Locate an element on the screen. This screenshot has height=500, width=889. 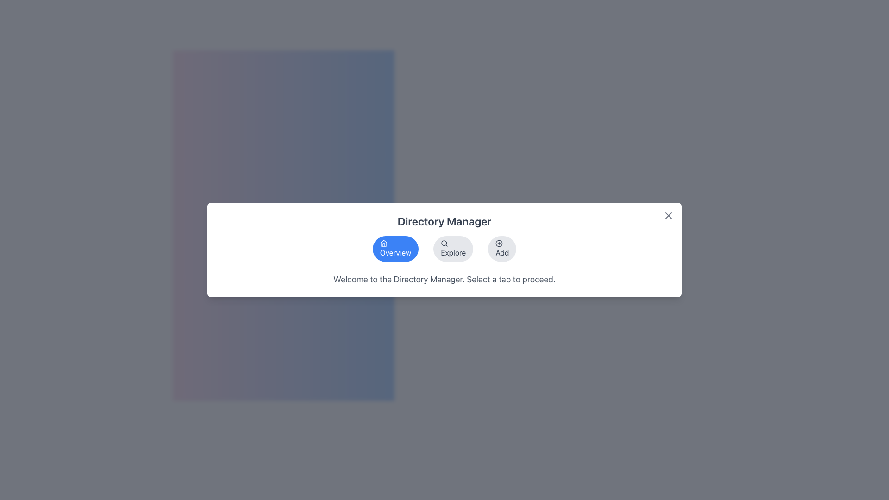
the magnifying glass icon located to the left of the text 'Explore' in the rounded rectangle button of the horizontal navigation bar under 'Directory Manager' is located at coordinates (444, 243).